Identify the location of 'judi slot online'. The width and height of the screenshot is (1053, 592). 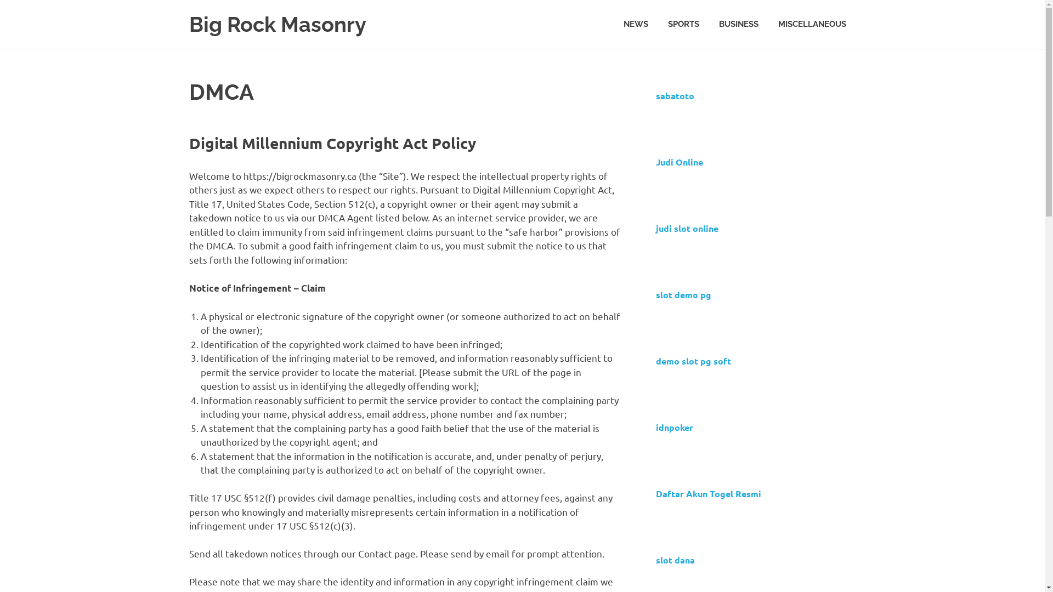
(686, 227).